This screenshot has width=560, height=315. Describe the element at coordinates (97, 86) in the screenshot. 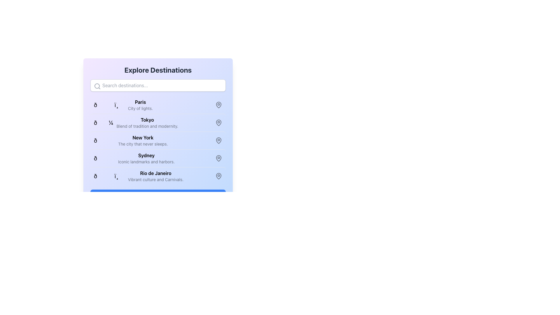

I see `the magnifying glass icon located inside the search input field labeled 'Search destinations...' to initiate a search action` at that location.